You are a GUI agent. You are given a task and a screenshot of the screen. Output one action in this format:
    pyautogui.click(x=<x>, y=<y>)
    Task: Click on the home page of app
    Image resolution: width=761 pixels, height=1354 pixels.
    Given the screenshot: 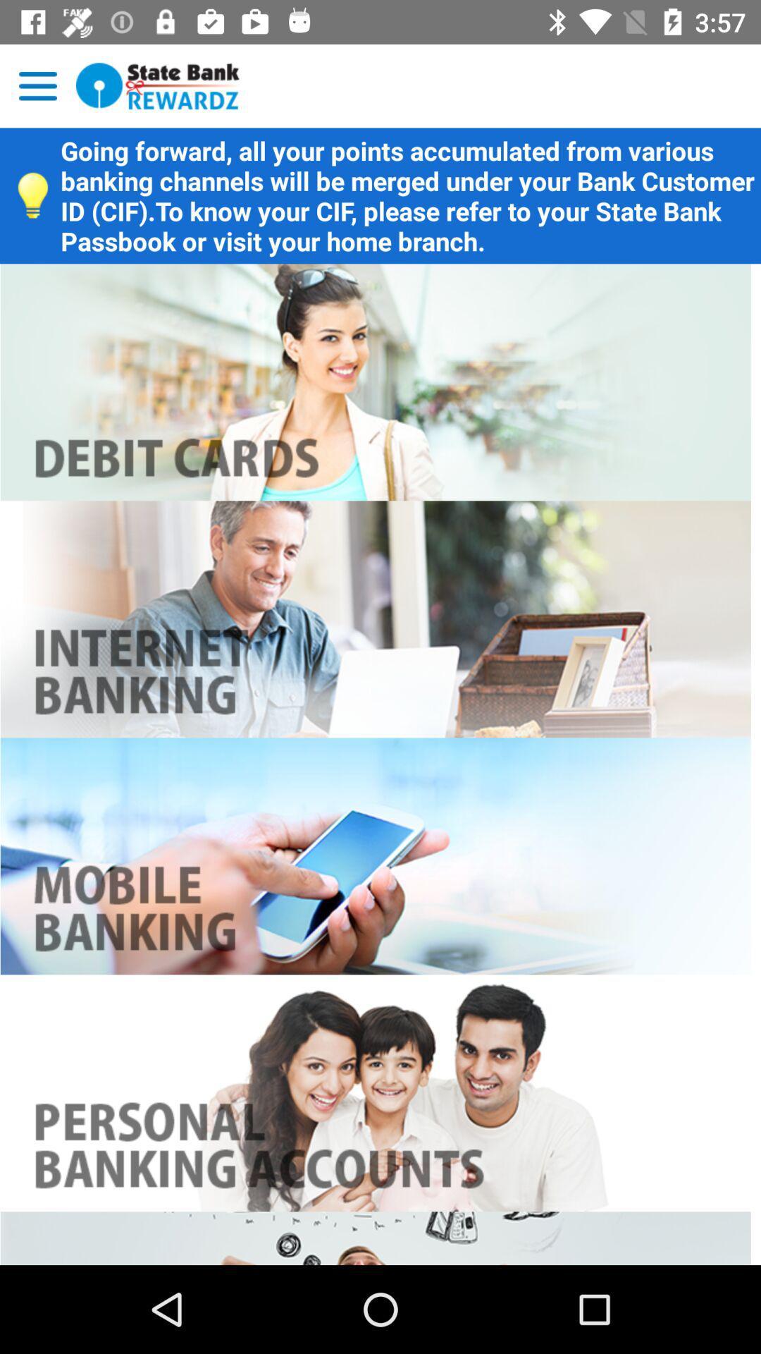 What is the action you would take?
    pyautogui.click(x=158, y=85)
    